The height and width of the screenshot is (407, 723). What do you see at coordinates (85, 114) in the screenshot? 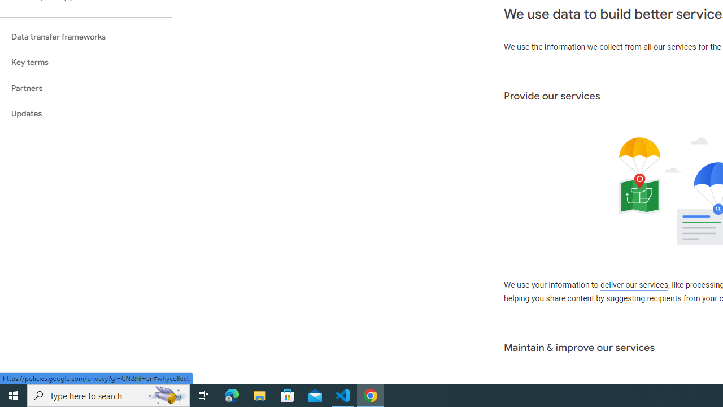
I see `'Updates'` at bounding box center [85, 114].